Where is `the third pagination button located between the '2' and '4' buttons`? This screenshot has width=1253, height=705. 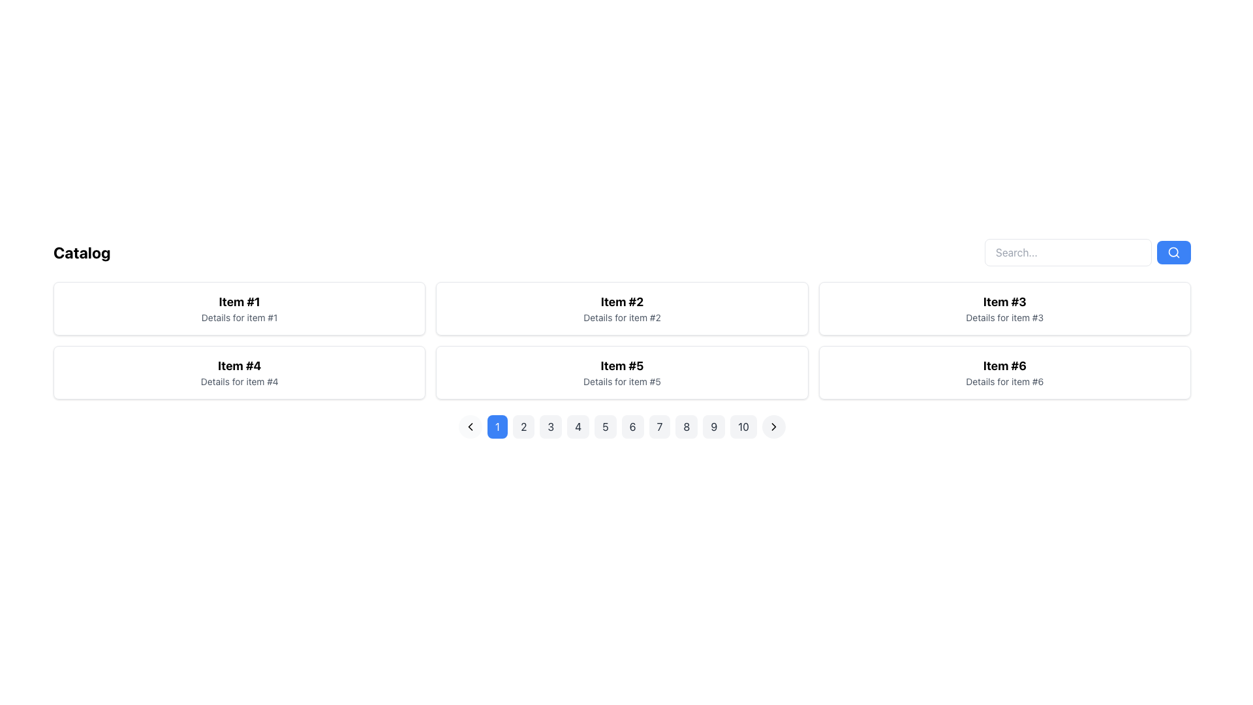
the third pagination button located between the '2' and '4' buttons is located at coordinates (551, 427).